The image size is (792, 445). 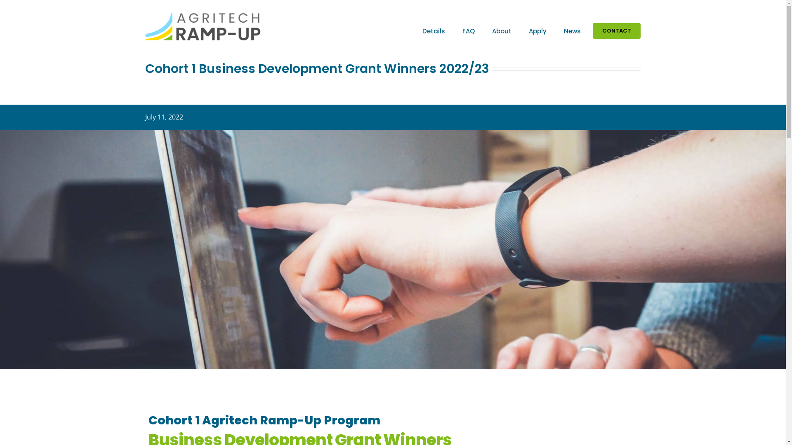 What do you see at coordinates (501, 30) in the screenshot?
I see `'About'` at bounding box center [501, 30].